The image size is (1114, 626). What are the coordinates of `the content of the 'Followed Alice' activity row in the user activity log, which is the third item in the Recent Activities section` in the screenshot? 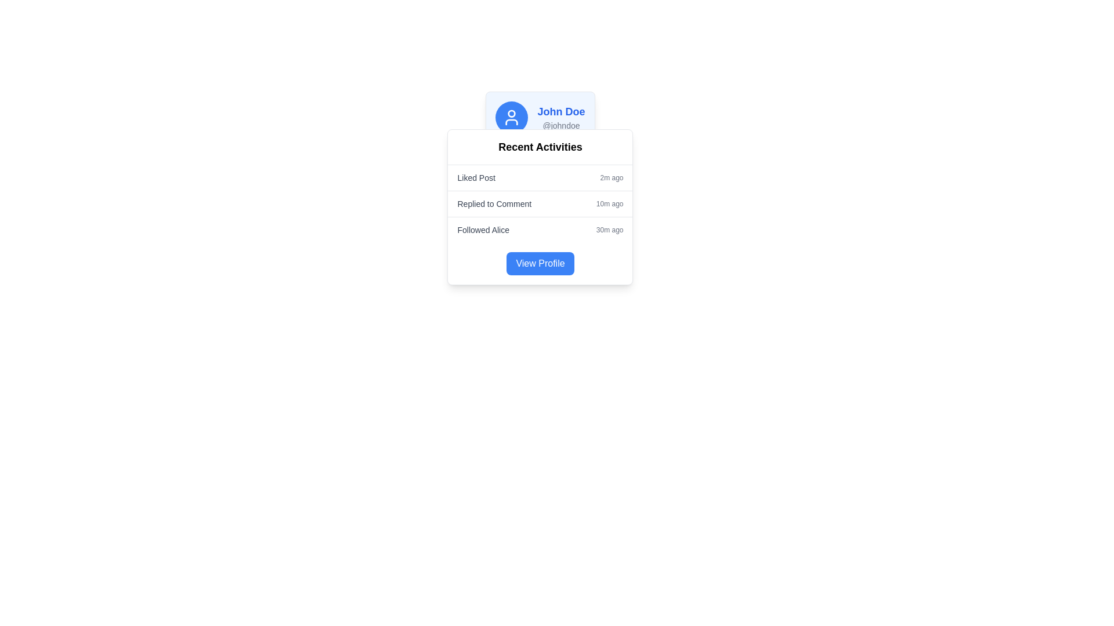 It's located at (540, 230).